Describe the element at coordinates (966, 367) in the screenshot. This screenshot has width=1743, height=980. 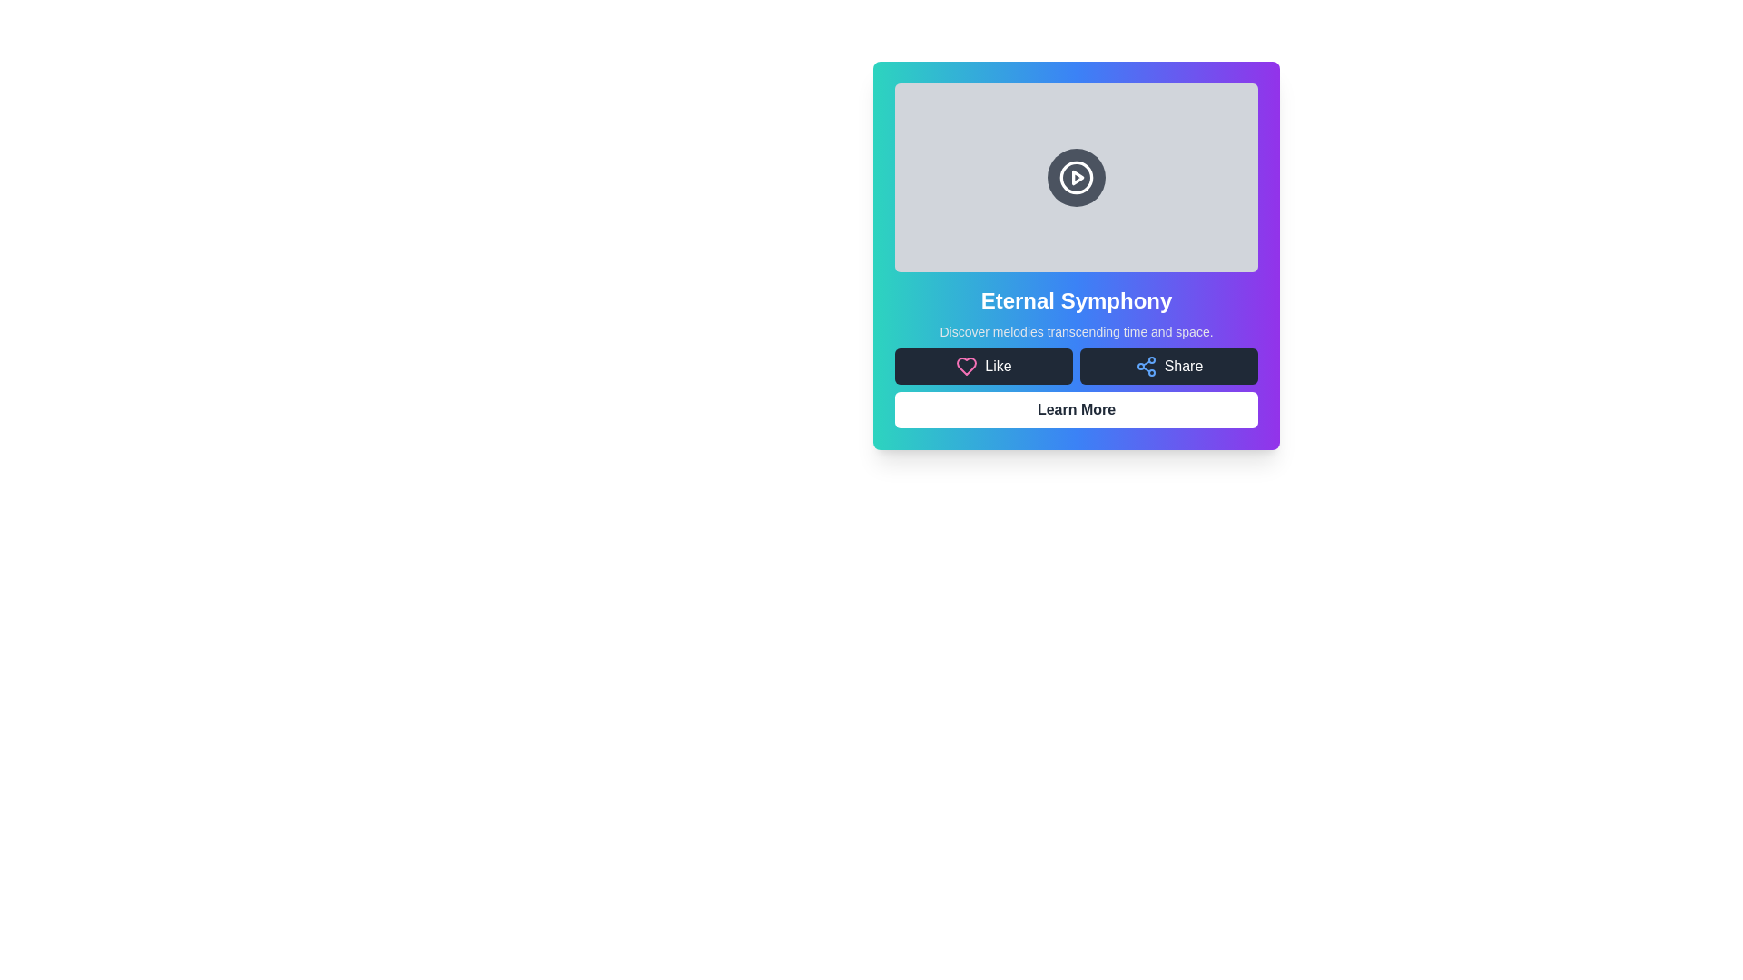
I see `the heart icon located in the lower-left section of the card, to the left of the 'Like' button text, to like the content` at that location.